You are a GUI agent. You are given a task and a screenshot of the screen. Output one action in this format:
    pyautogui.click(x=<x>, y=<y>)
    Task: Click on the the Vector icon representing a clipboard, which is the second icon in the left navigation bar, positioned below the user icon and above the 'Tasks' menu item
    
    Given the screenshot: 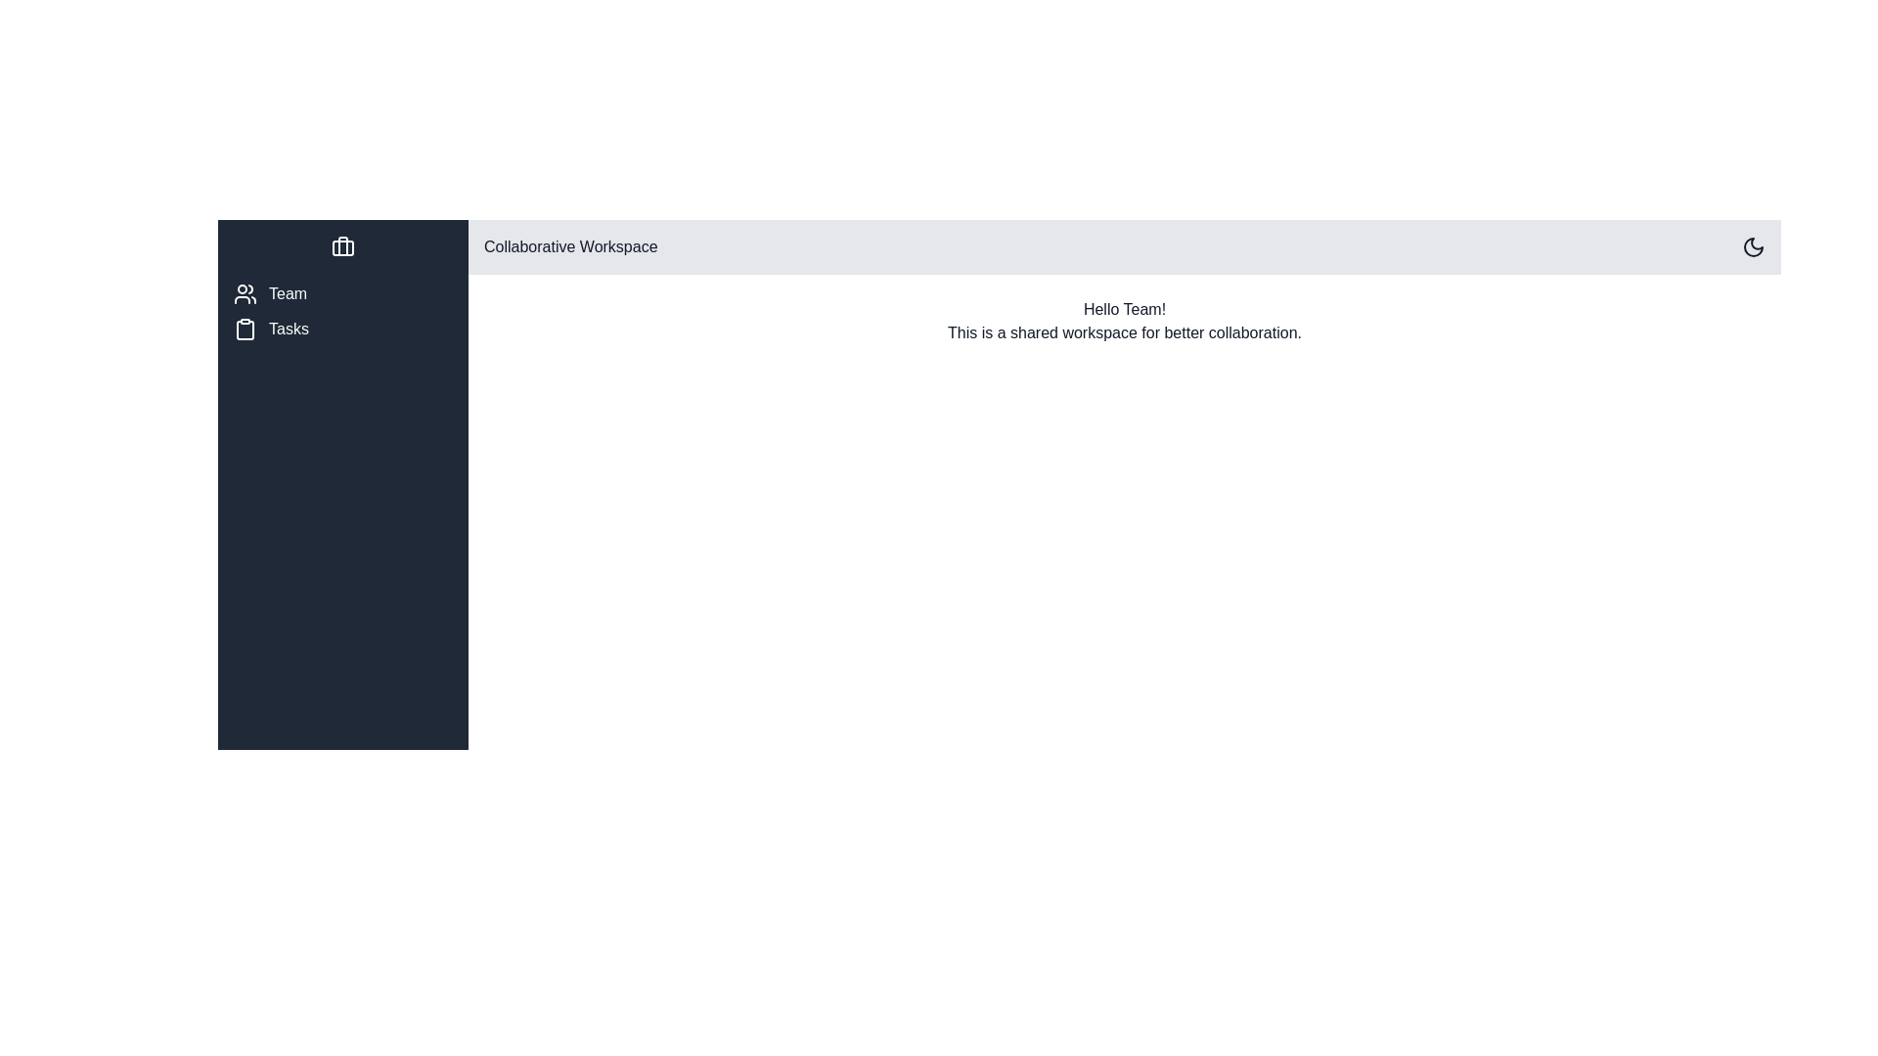 What is the action you would take?
    pyautogui.click(x=244, y=330)
    